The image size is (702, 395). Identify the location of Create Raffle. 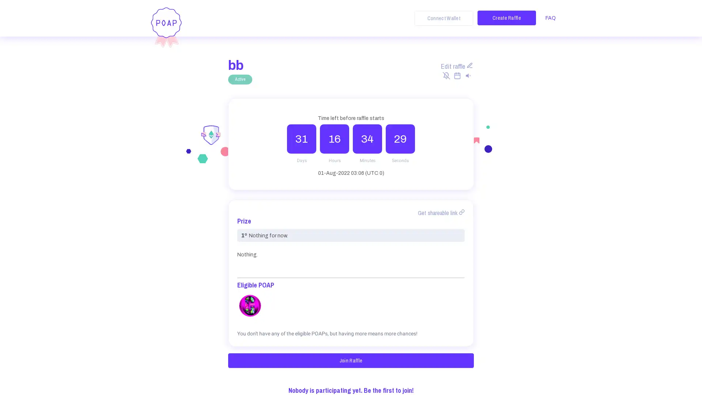
(506, 18).